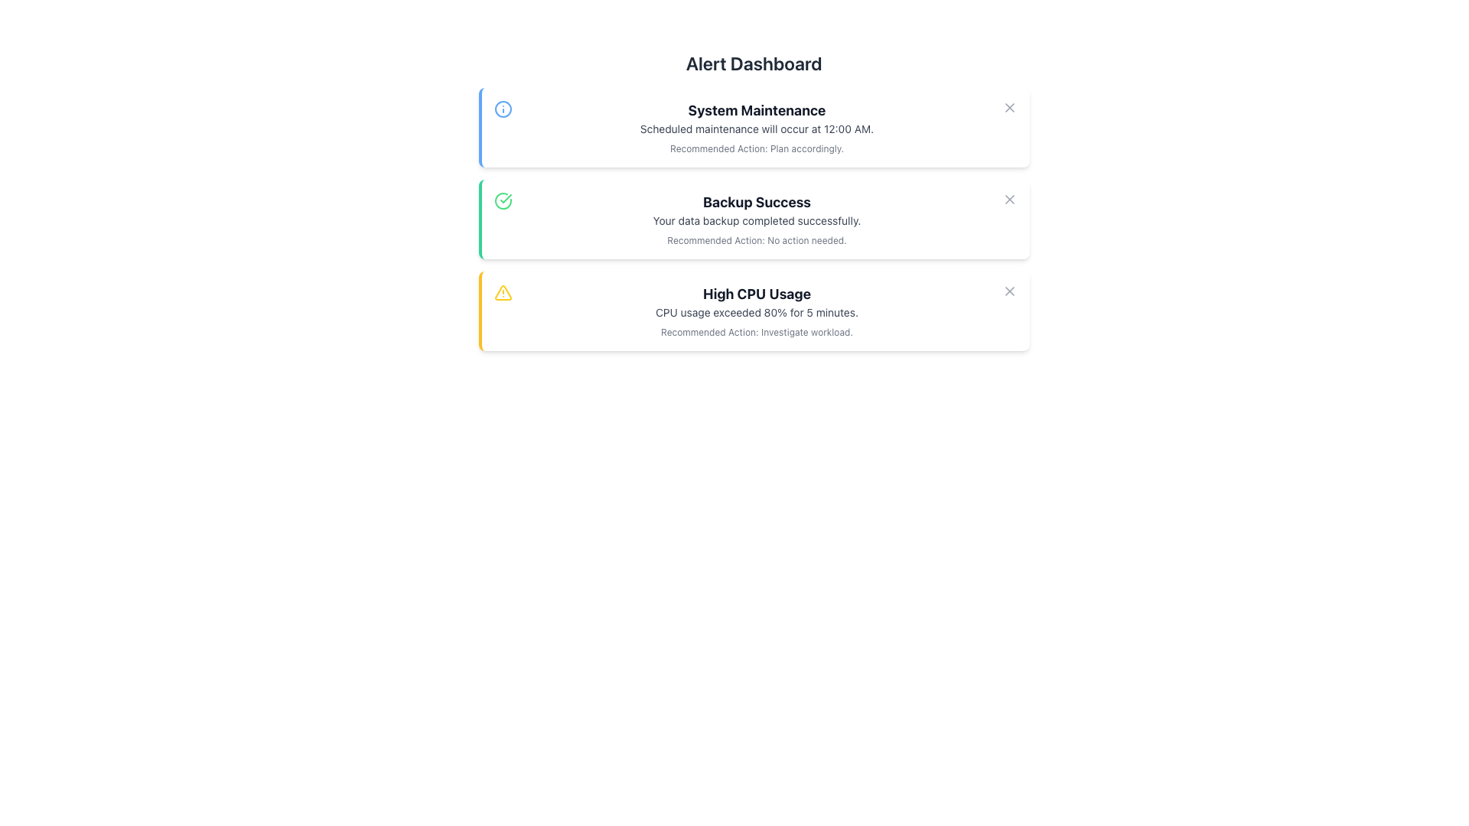  What do you see at coordinates (1009, 107) in the screenshot?
I see `the diagonal cross icon in the top-right section of the interface to dismiss the 'System Maintenance' alert` at bounding box center [1009, 107].